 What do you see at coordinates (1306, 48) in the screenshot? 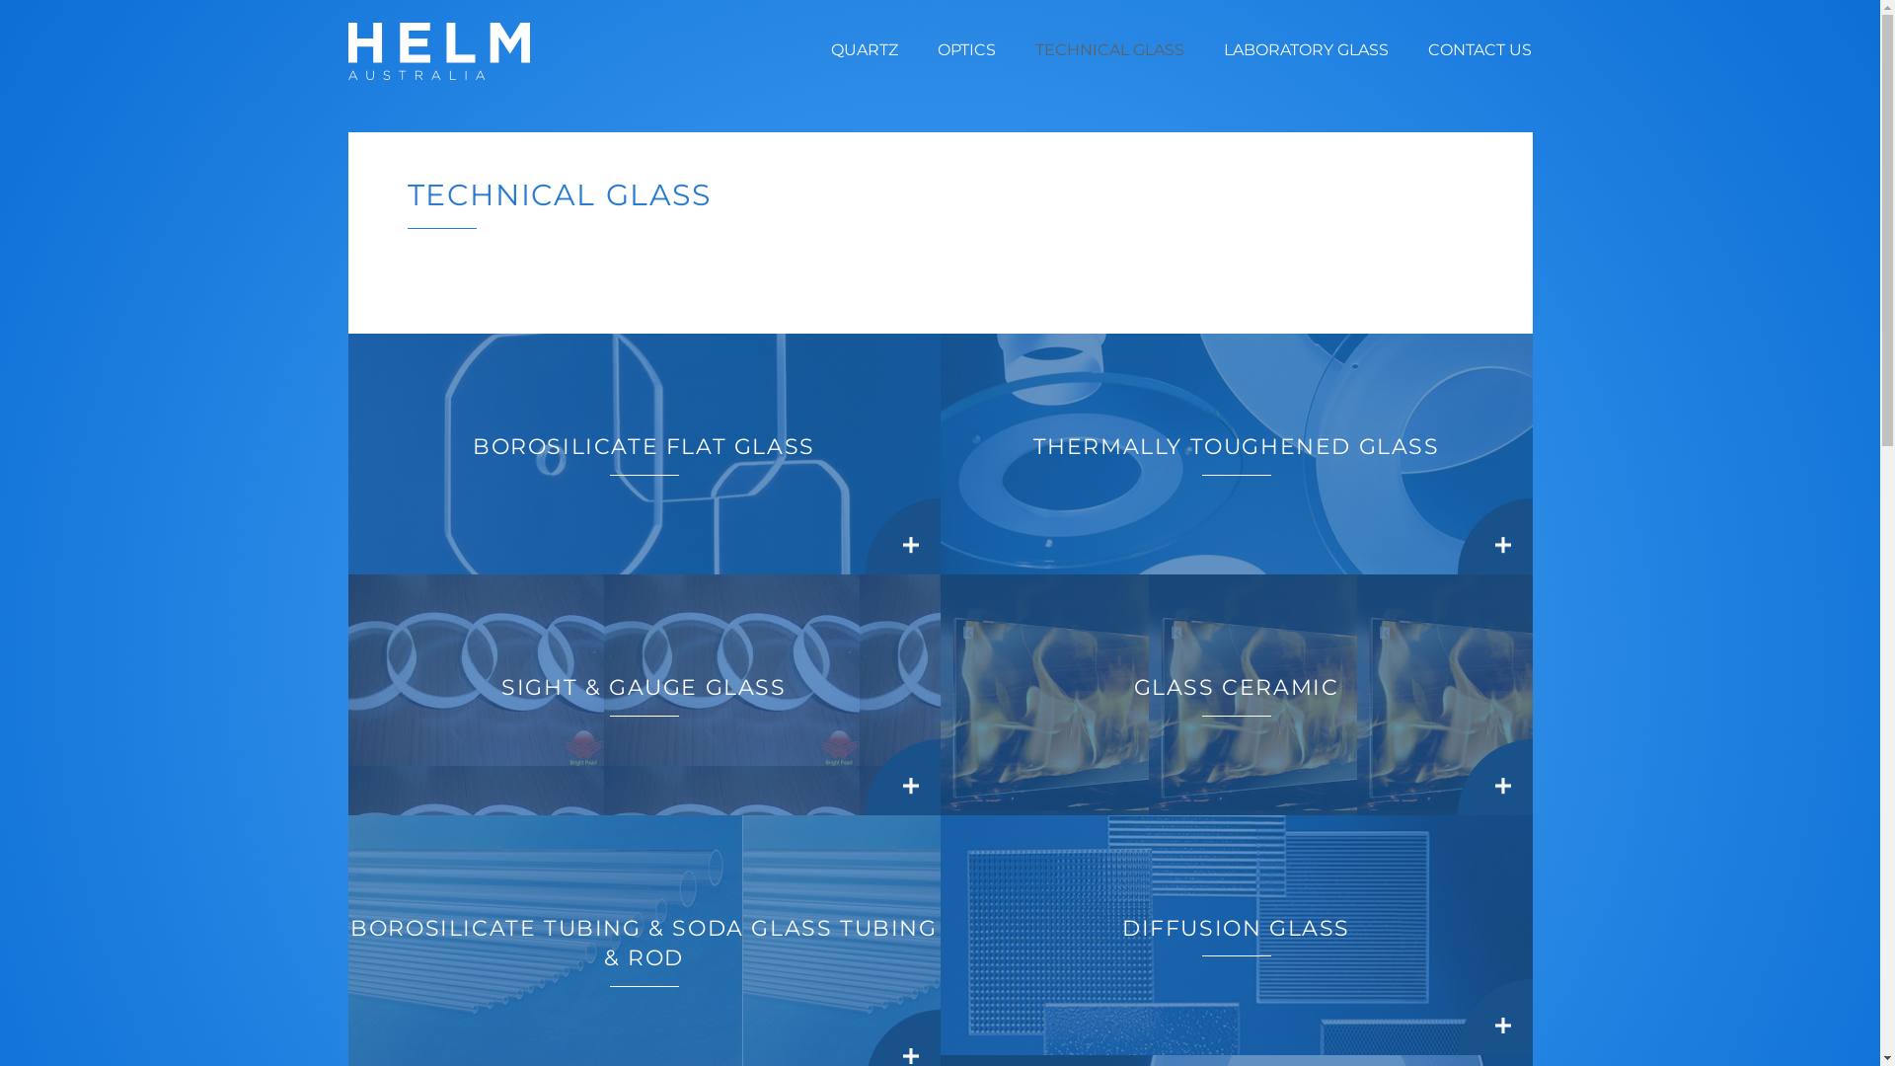
I see `'LABORATORY GLASS'` at bounding box center [1306, 48].